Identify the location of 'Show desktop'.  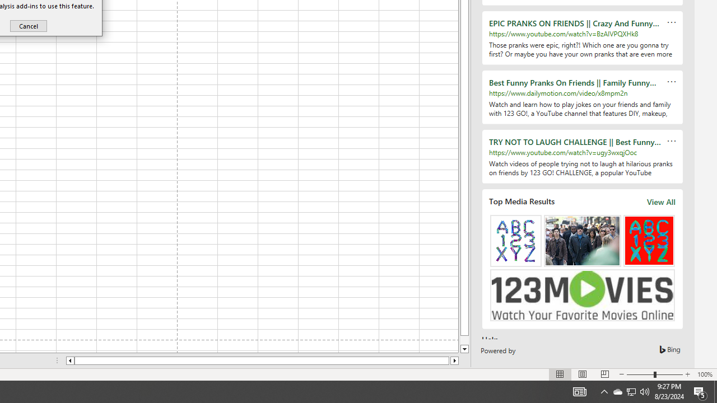
(715, 391).